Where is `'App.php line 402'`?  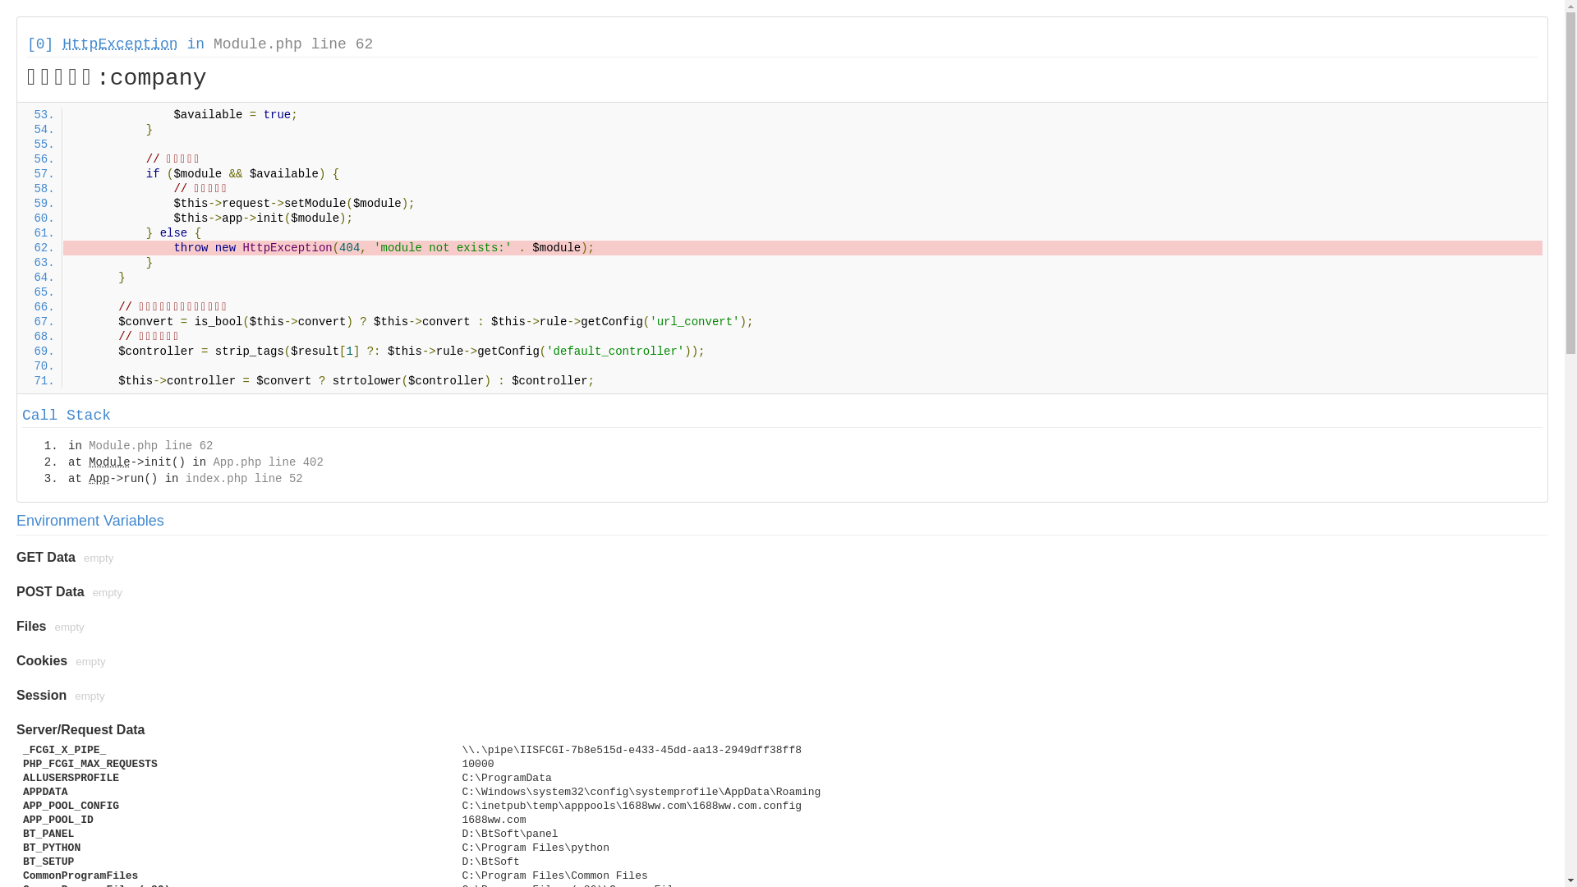 'App.php line 402' is located at coordinates (268, 462).